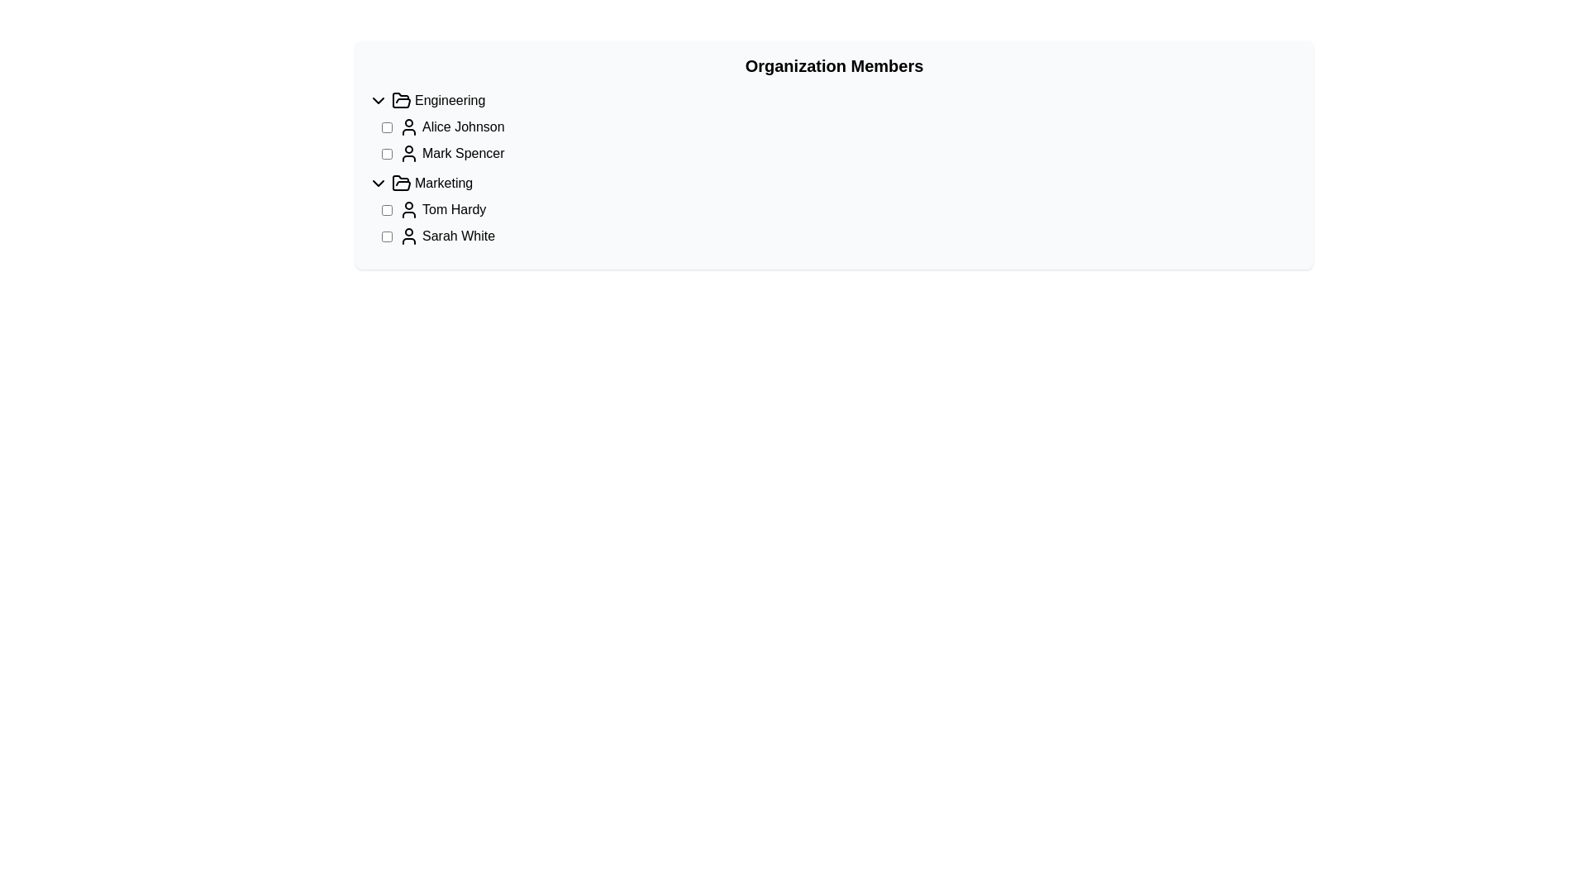  What do you see at coordinates (450, 101) in the screenshot?
I see `the folder icon associated with the 'Engineering' section` at bounding box center [450, 101].